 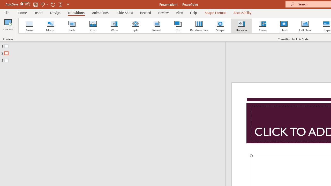 What do you see at coordinates (156, 26) in the screenshot?
I see `'Reveal'` at bounding box center [156, 26].